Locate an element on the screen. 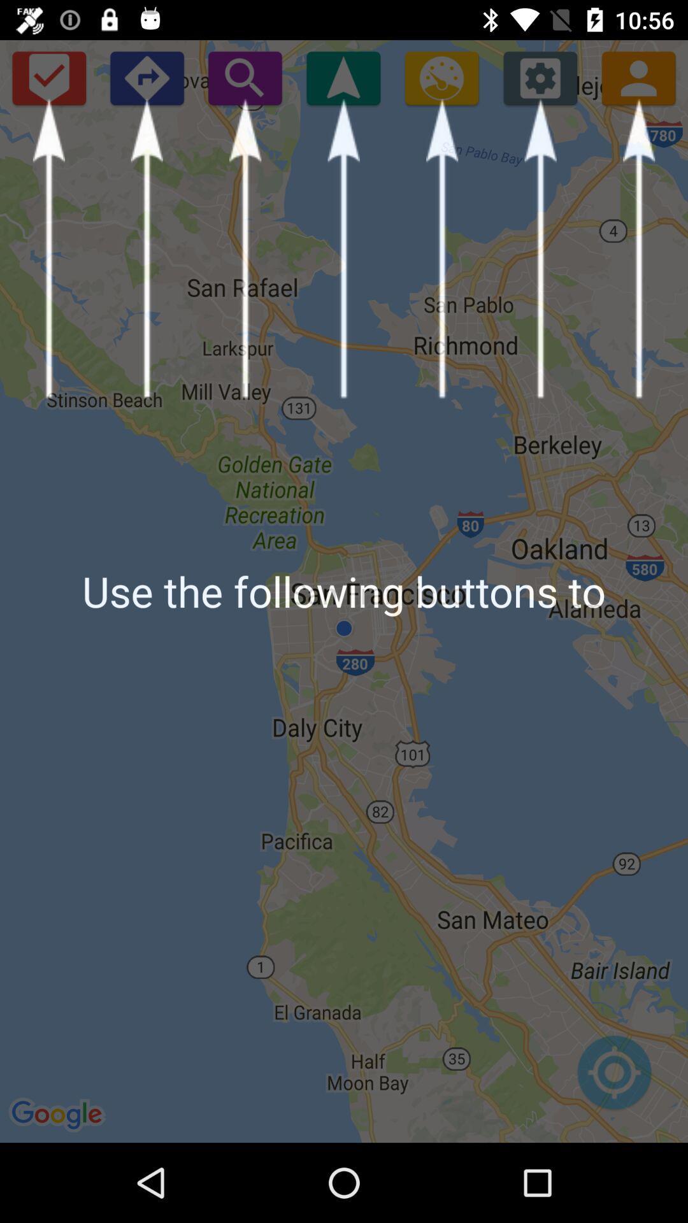 This screenshot has height=1223, width=688. the app above use the following app is located at coordinates (343, 77).